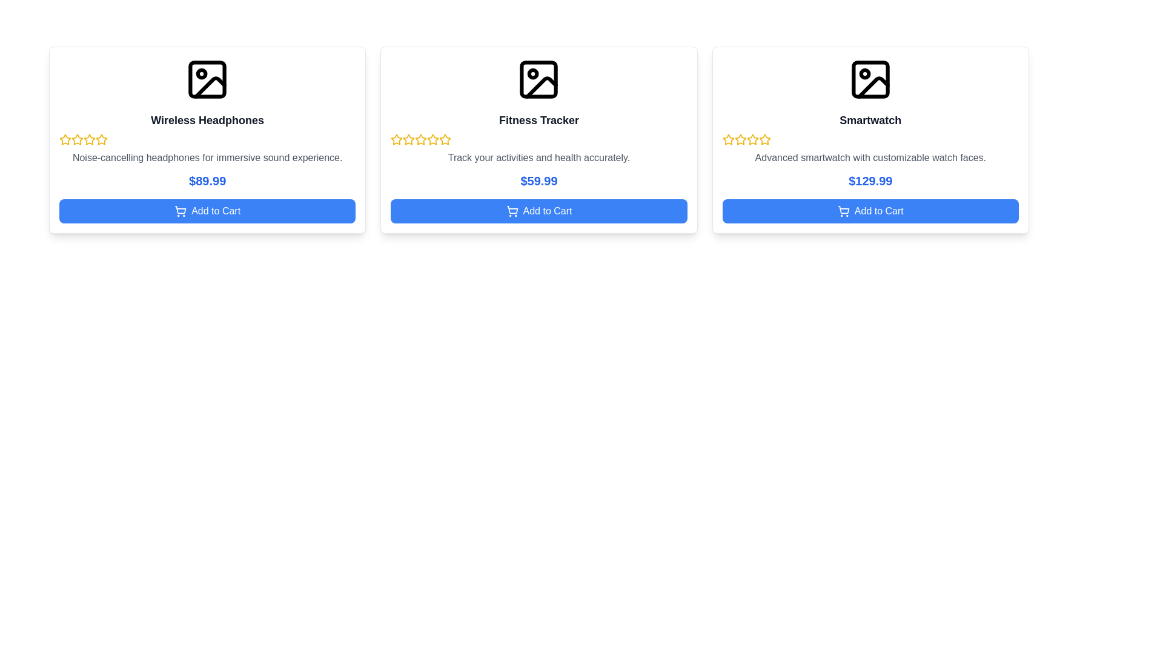 This screenshot has height=654, width=1163. What do you see at coordinates (843, 210) in the screenshot?
I see `the shopping cart icon within the blue 'Add to Cart' button located under the product card for the 'Smartwatch.'` at bounding box center [843, 210].